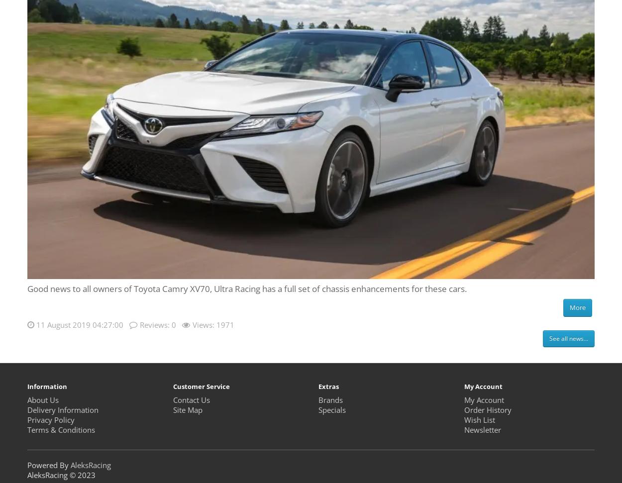 The width and height of the screenshot is (622, 483). Describe the element at coordinates (91, 464) in the screenshot. I see `'AleksRacing'` at that location.